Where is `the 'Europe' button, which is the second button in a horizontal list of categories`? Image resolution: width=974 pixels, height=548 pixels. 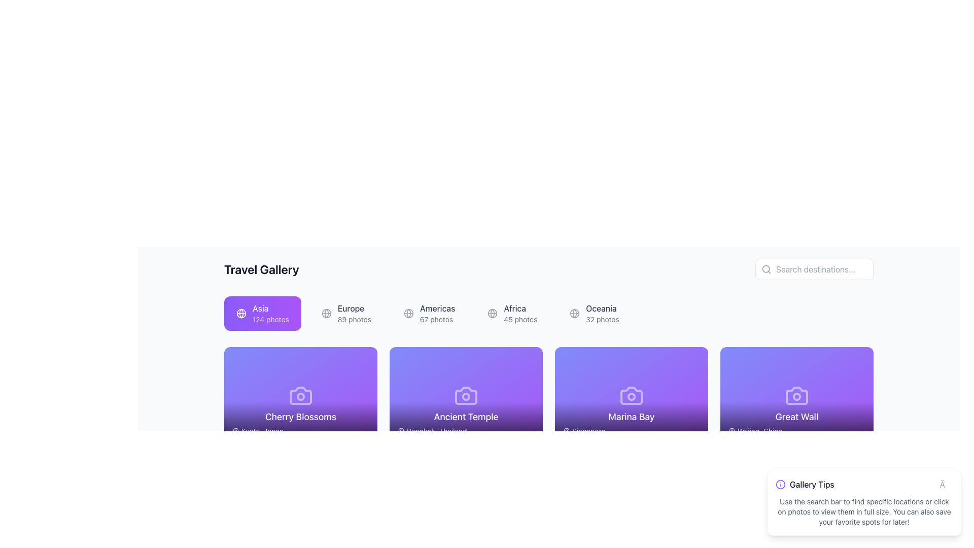 the 'Europe' button, which is the second button in a horizontal list of categories is located at coordinates (346, 313).